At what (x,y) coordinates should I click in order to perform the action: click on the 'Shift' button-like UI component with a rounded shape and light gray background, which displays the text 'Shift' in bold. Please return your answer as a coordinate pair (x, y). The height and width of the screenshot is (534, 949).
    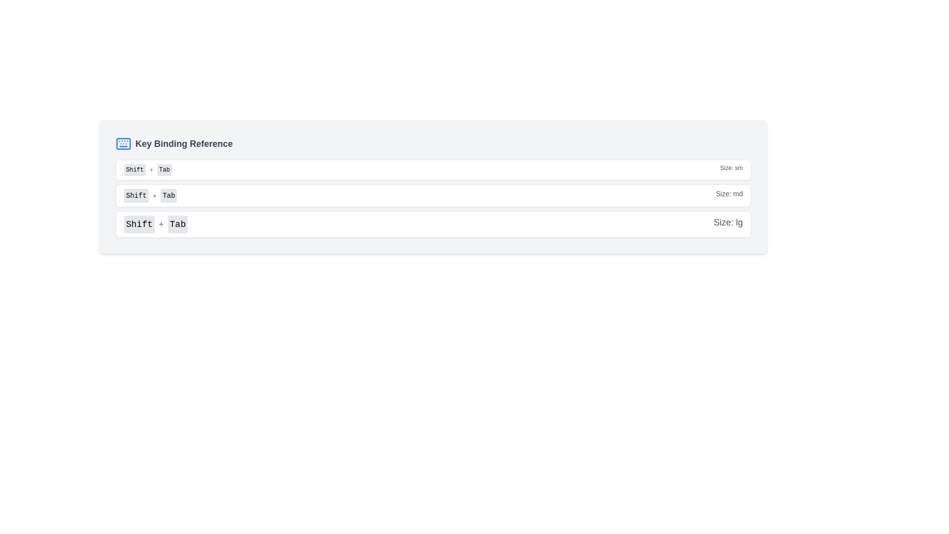
    Looking at the image, I should click on (136, 196).